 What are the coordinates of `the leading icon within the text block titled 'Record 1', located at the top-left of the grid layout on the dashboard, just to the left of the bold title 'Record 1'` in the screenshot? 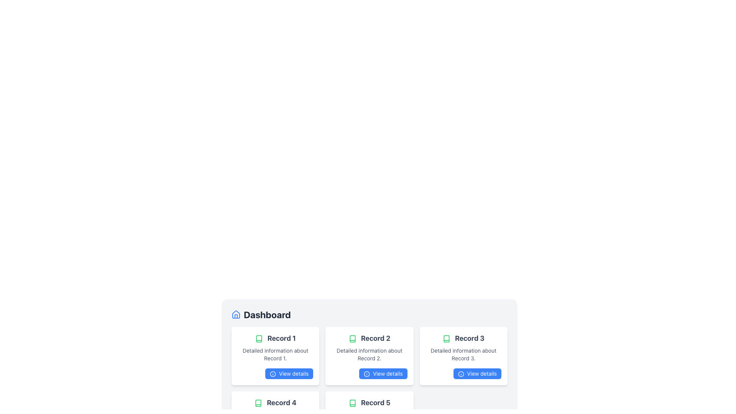 It's located at (259, 338).